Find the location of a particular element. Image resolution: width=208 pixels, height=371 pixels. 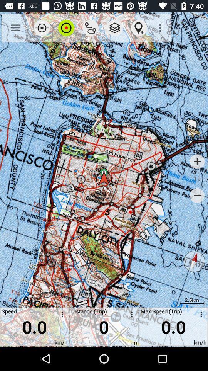

icon above 12 item is located at coordinates (197, 161).